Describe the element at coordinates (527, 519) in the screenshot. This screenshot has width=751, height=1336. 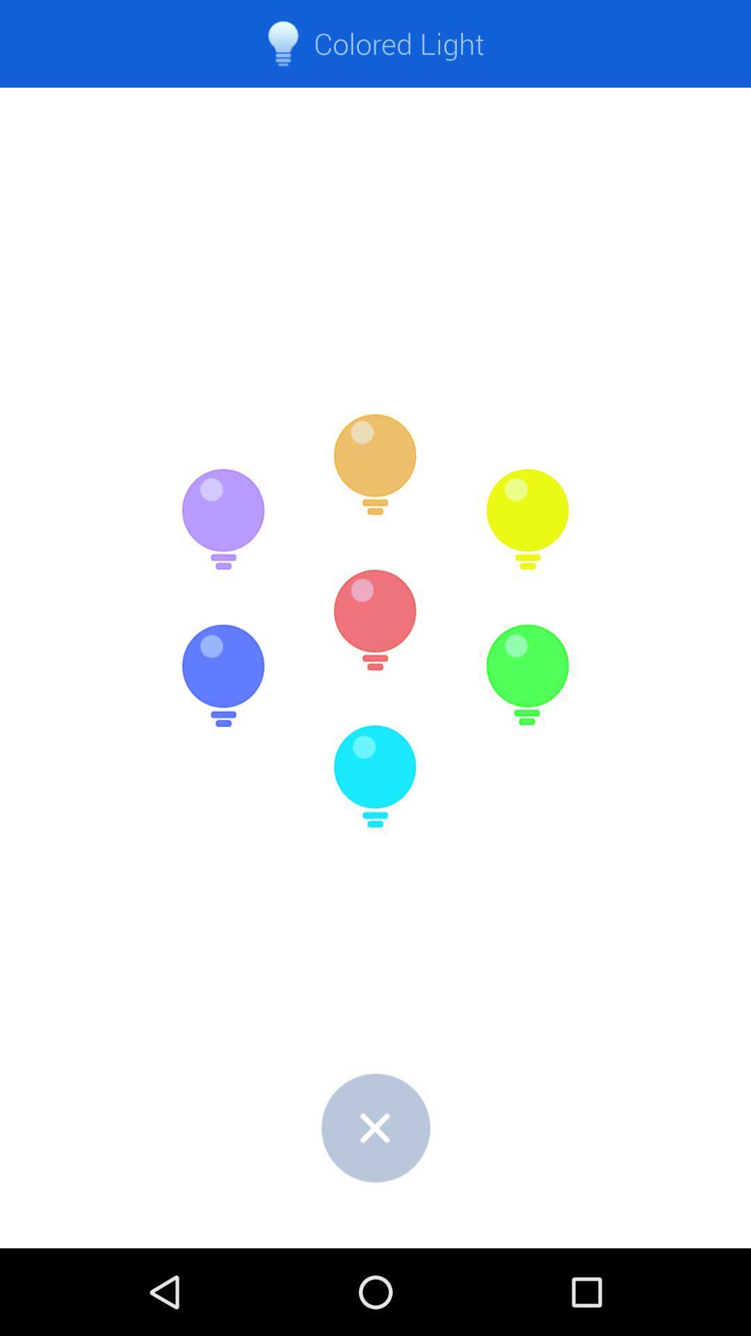
I see `the item below colored light` at that location.